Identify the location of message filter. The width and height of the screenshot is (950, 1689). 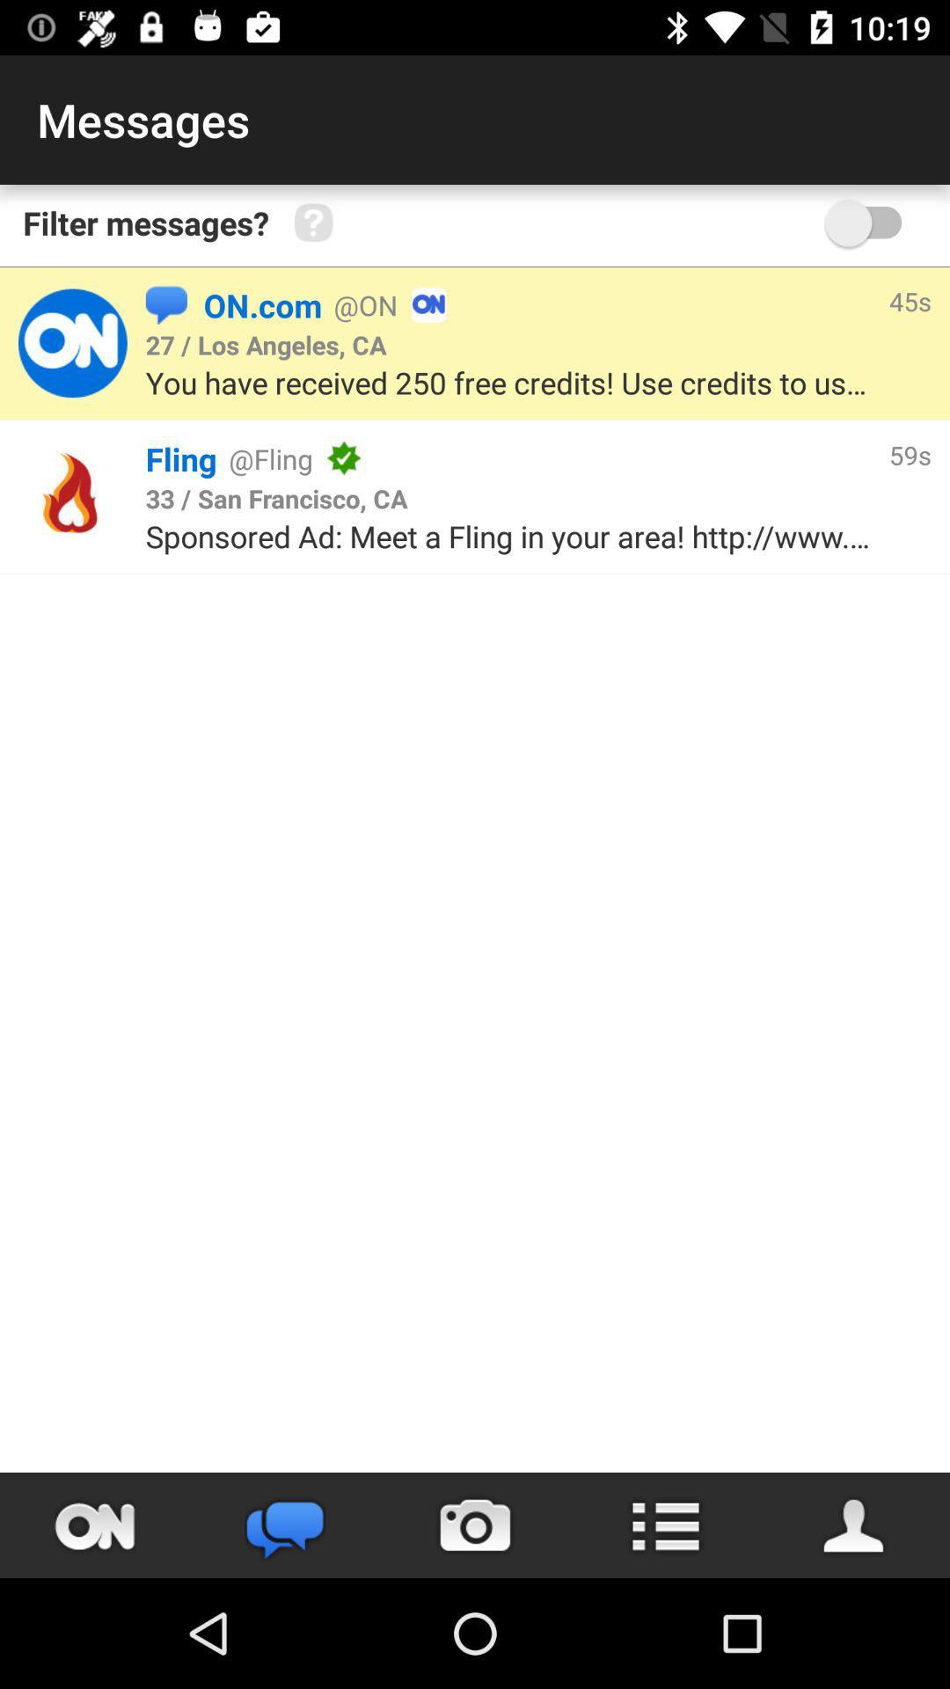
(872, 222).